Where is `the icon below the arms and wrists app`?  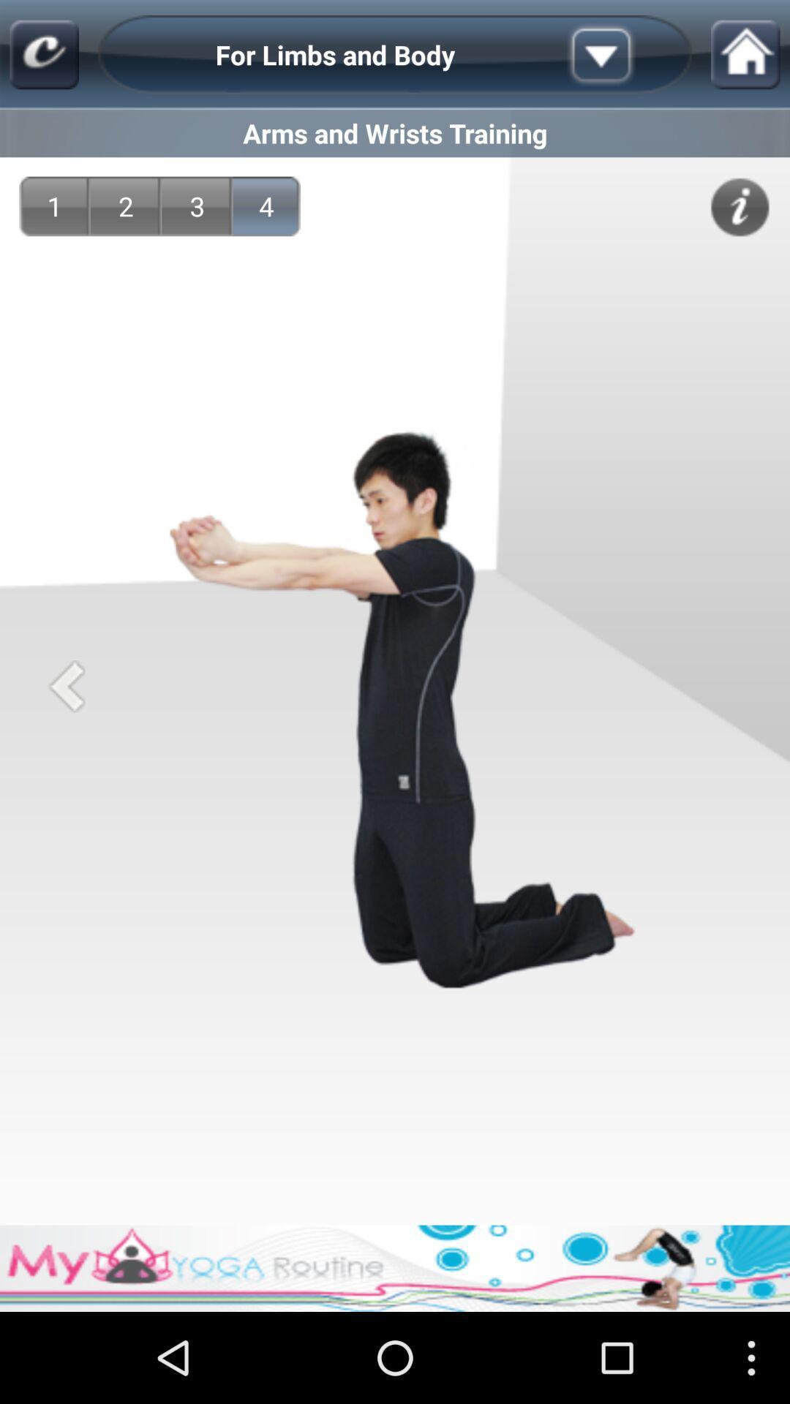 the icon below the arms and wrists app is located at coordinates (53, 205).